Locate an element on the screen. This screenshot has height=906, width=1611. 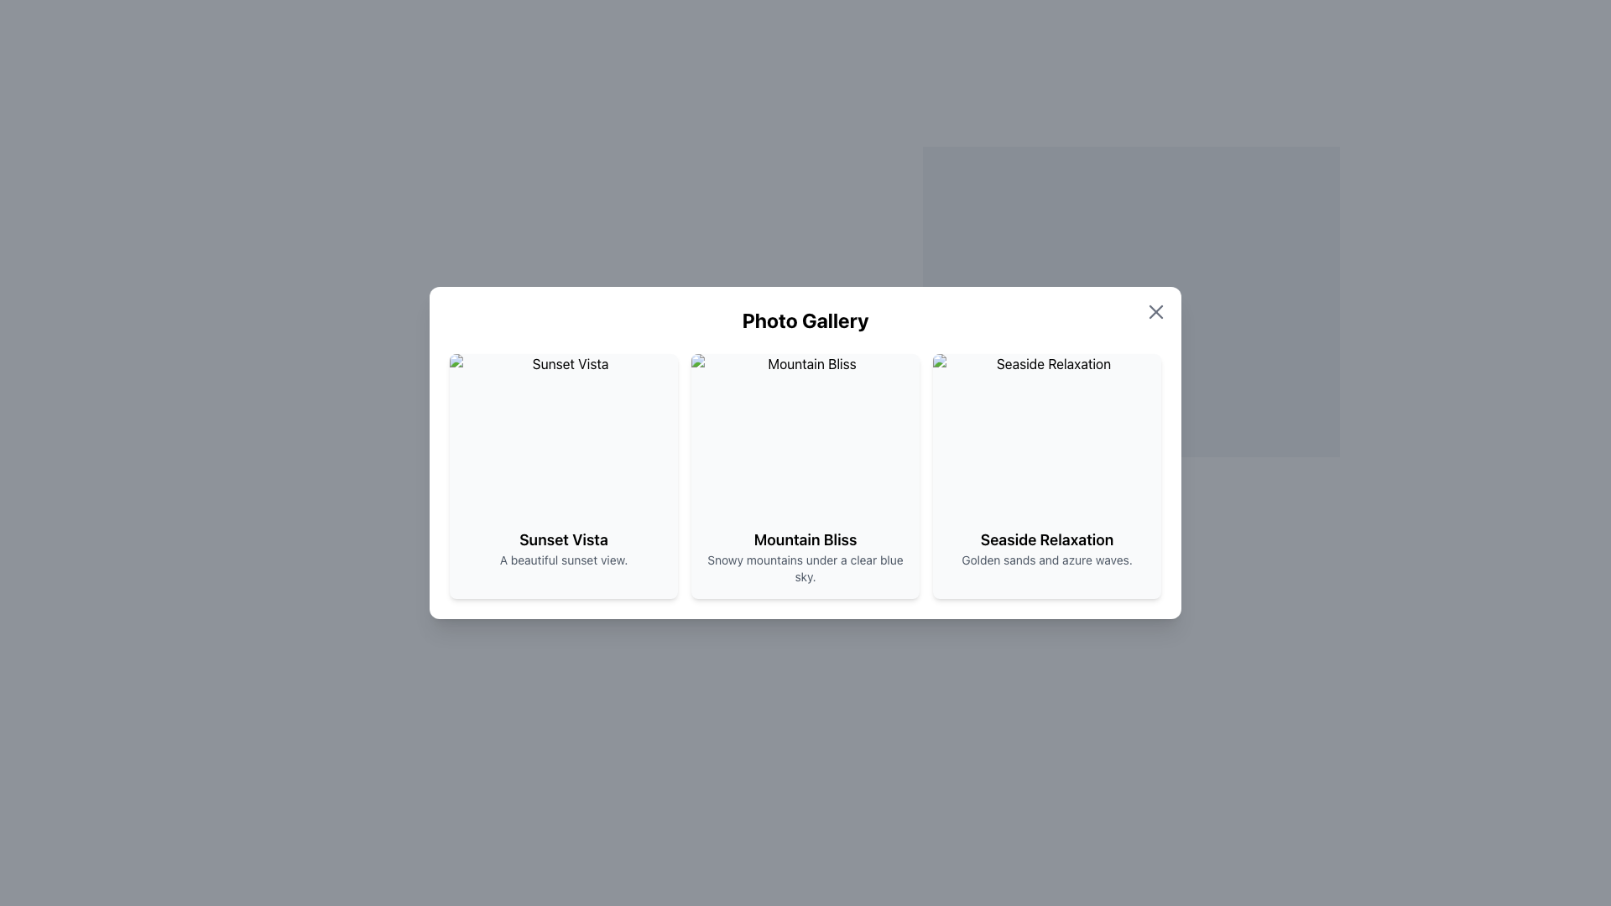
the description text element that provides additional information about the 'Sunset Vista' title, positioned below the title within the same card is located at coordinates (564, 560).